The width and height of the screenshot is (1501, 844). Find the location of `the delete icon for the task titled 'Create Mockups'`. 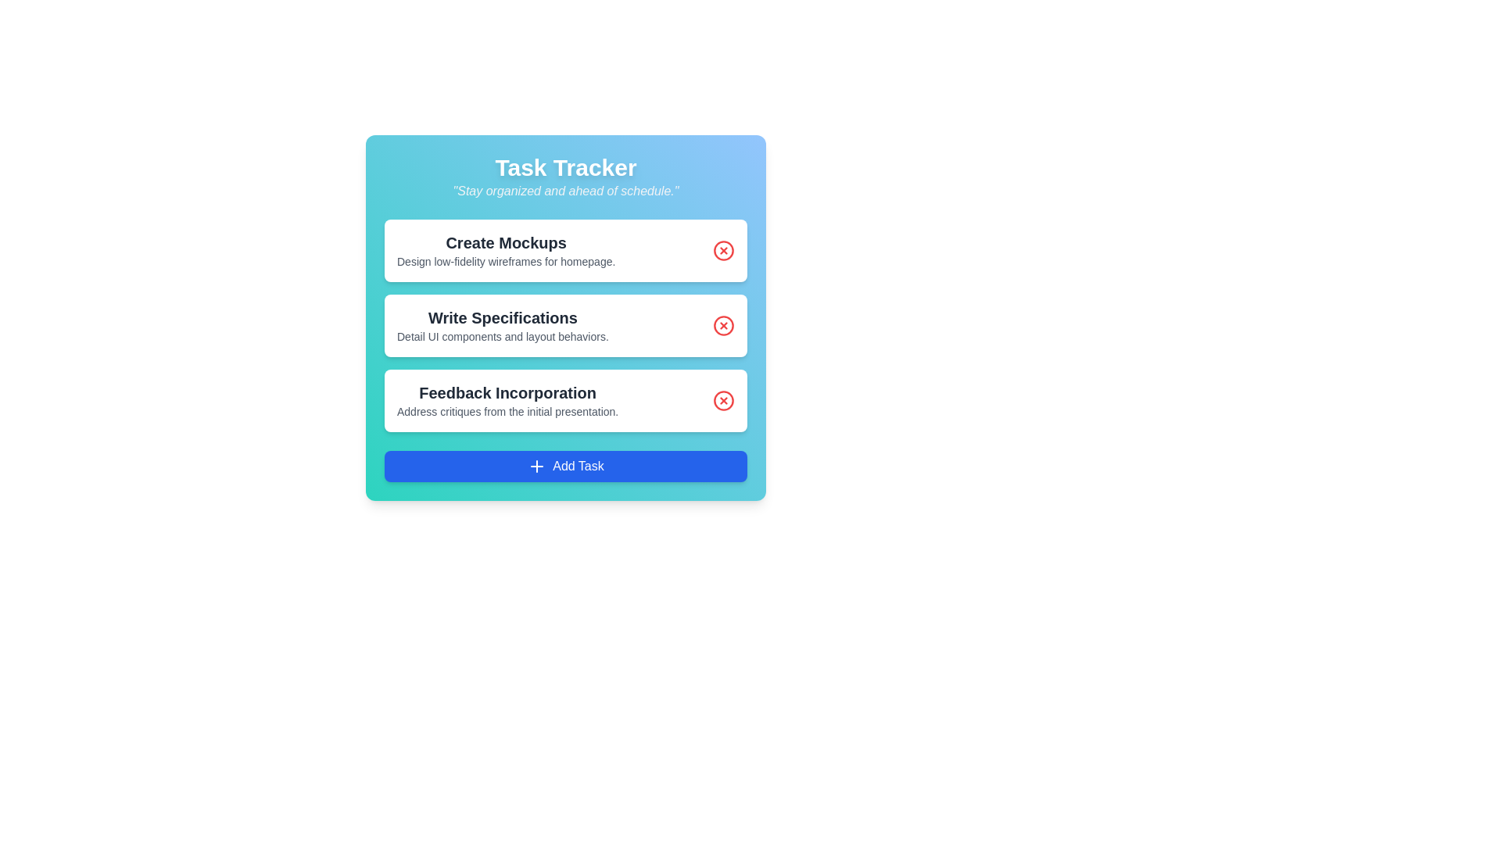

the delete icon for the task titled 'Create Mockups' is located at coordinates (723, 249).